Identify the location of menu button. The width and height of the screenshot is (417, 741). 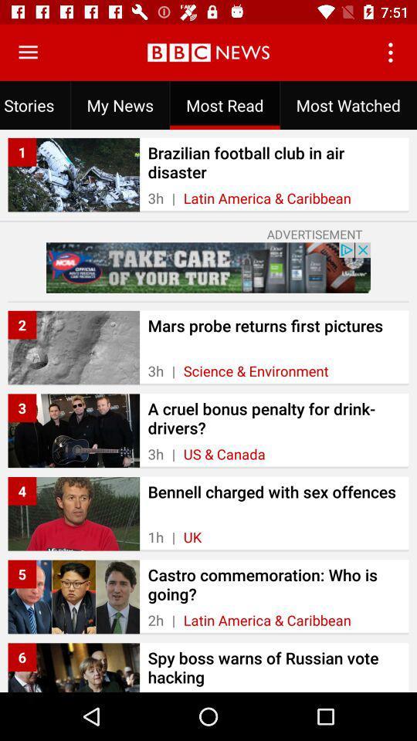
(28, 52).